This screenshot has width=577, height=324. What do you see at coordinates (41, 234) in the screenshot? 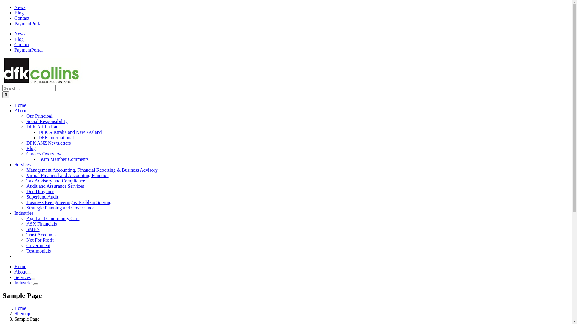
I see `'Trust Accounts'` at bounding box center [41, 234].